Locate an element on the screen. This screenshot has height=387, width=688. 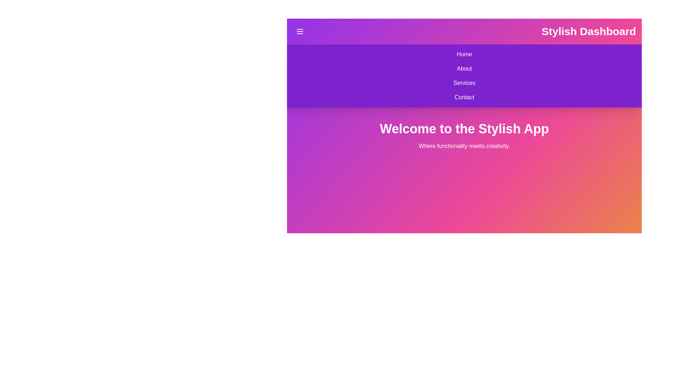
the Home from the navigation menu is located at coordinates (292, 54).